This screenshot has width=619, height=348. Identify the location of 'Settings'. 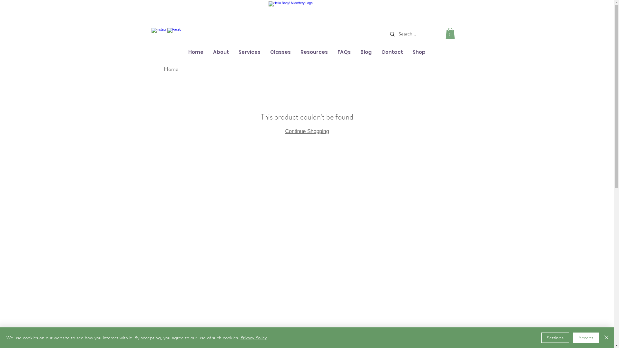
(555, 337).